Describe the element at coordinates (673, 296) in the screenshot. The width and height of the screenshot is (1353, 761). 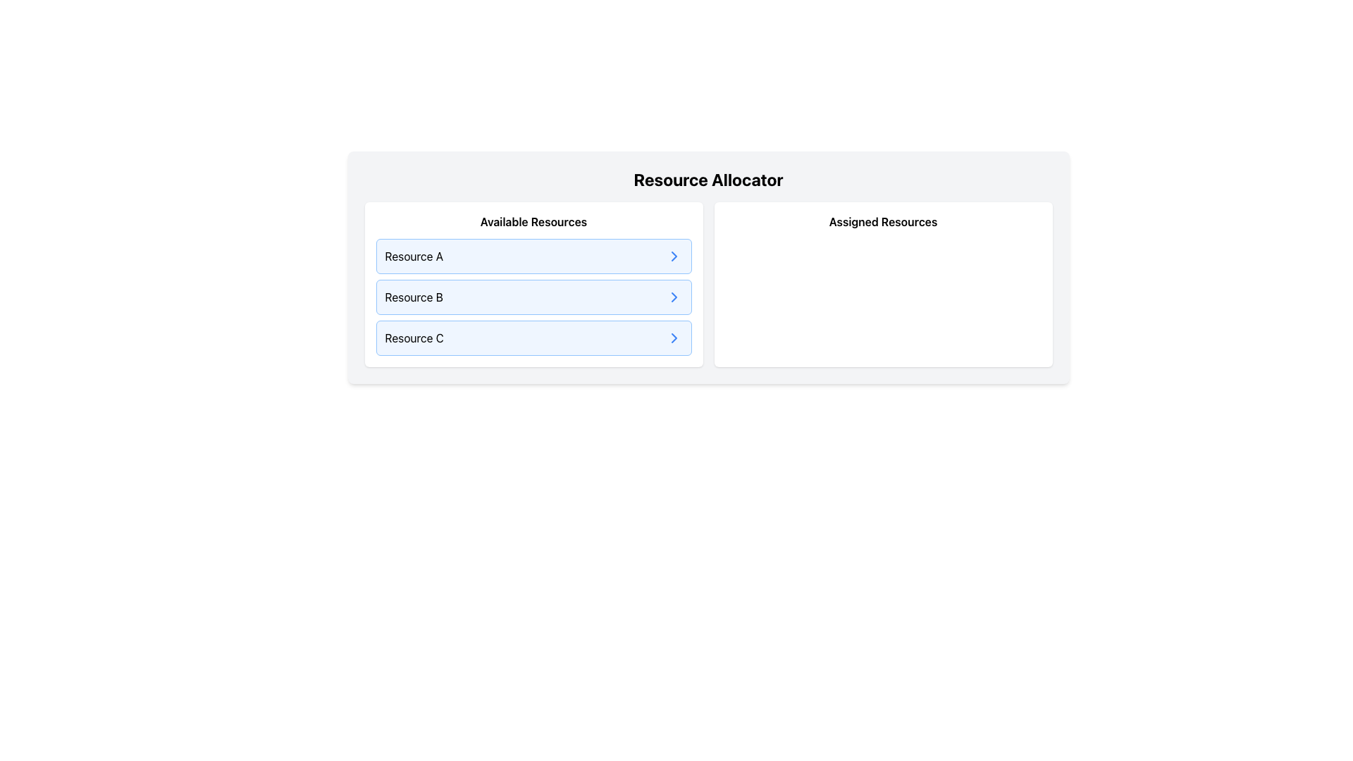
I see `the right-facing chevron icon in the second row labeled 'Resource B'` at that location.